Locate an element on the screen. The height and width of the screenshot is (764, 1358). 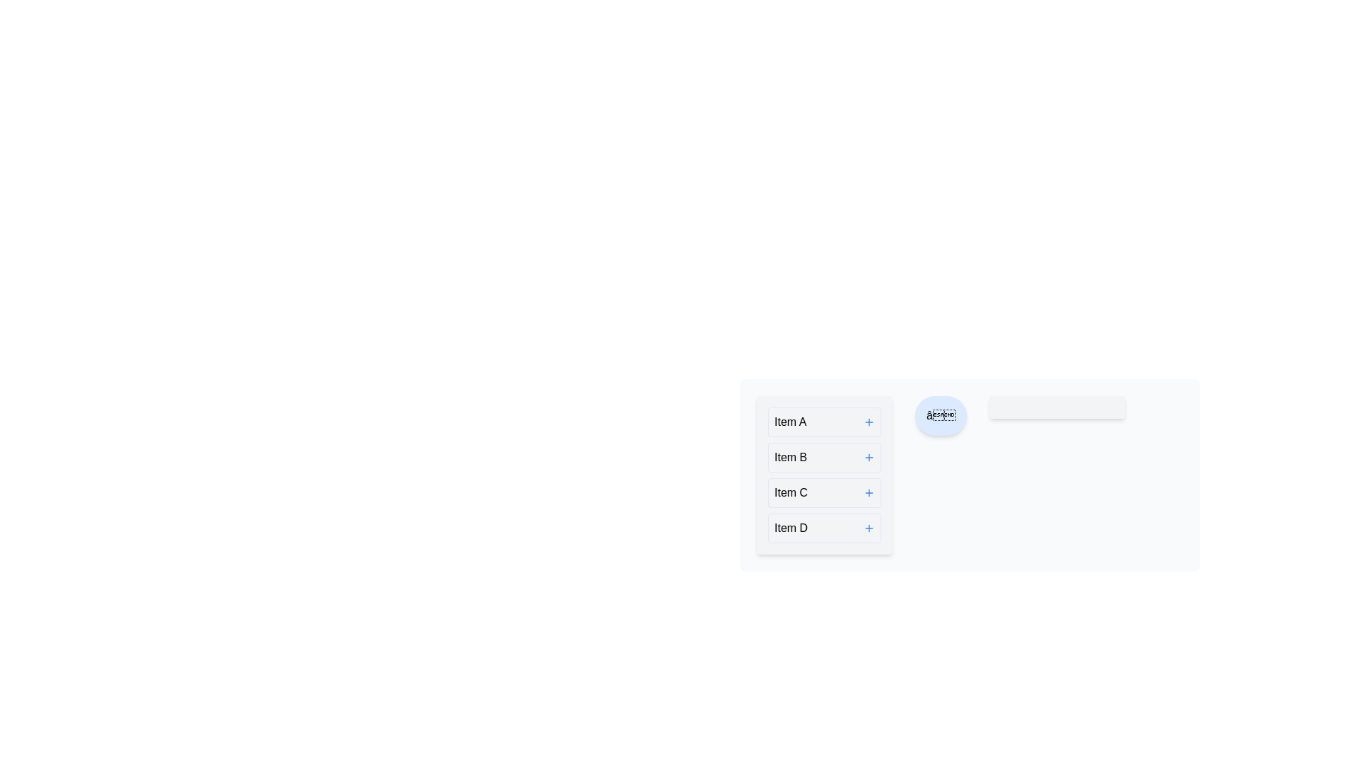
'+' button next to Item C in the left list to select it is located at coordinates (868, 492).